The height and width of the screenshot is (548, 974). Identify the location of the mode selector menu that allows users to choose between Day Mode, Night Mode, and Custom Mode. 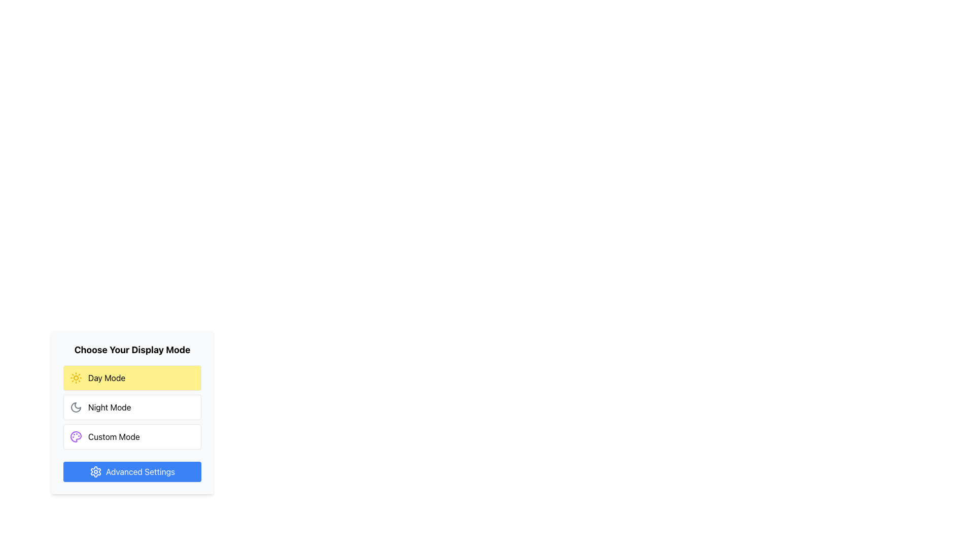
(131, 413).